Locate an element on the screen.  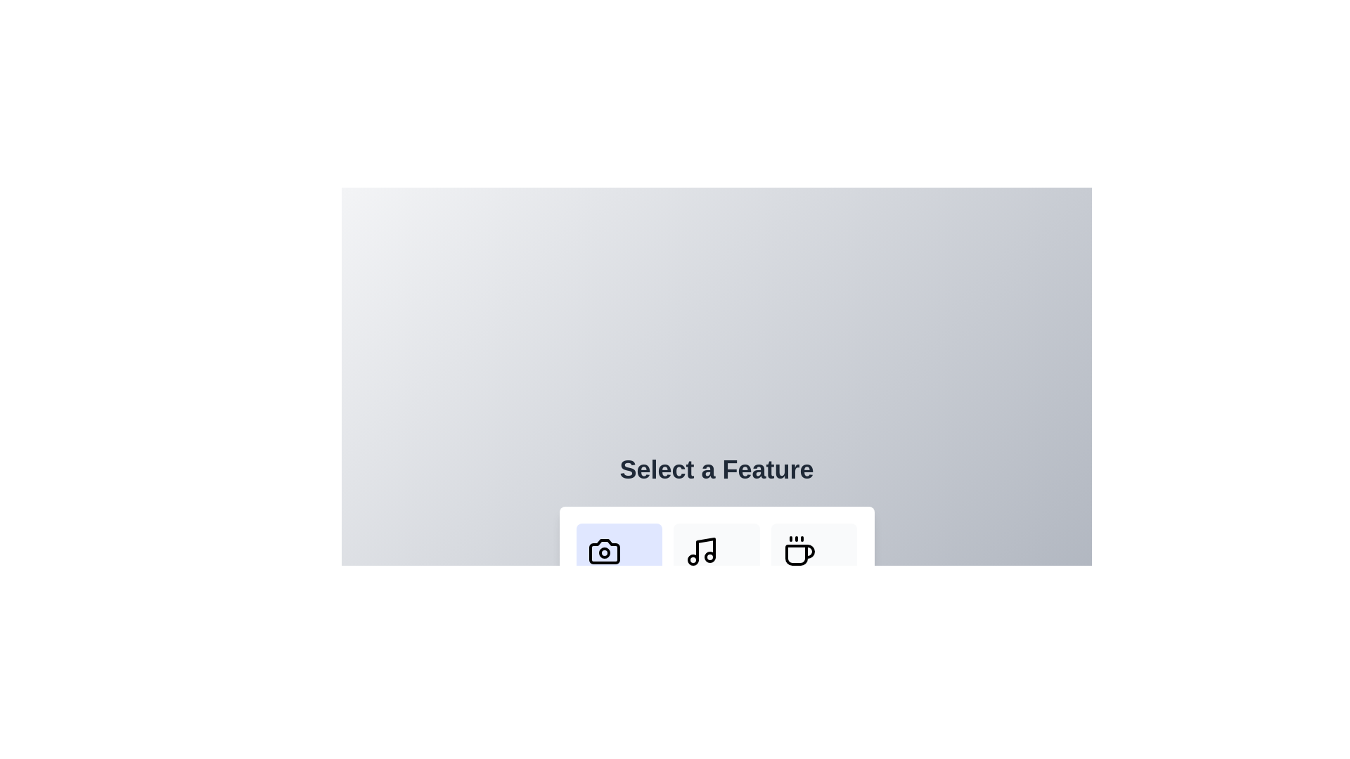
the 'Photography' category button, which is the leftmost option in a group of three at the bottom center of the application interface is located at coordinates (619, 563).